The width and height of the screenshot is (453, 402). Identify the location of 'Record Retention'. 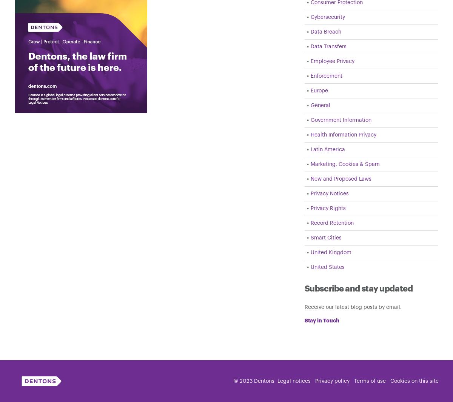
(310, 222).